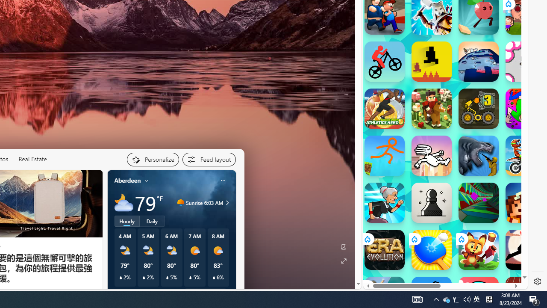  What do you see at coordinates (384, 108) in the screenshot?
I see `'Athletics Hero Athletics Hero'` at bounding box center [384, 108].